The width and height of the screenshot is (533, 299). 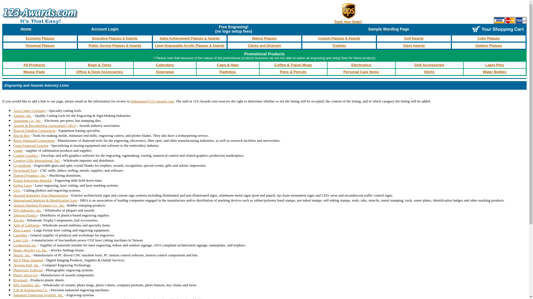 What do you see at coordinates (189, 38) in the screenshot?
I see `'Sales Achievement Plaques & Awards'` at bounding box center [189, 38].